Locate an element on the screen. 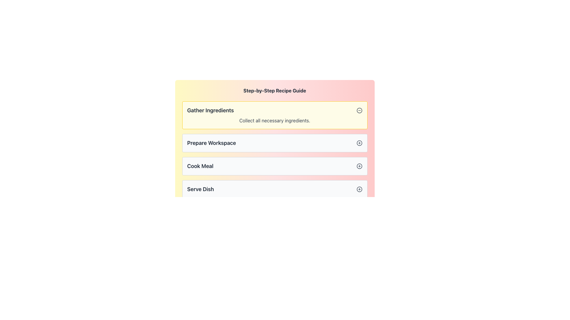 The height and width of the screenshot is (320, 570). the interactive button located on the right side of the 'Prepare Workspace' row is located at coordinates (359, 143).